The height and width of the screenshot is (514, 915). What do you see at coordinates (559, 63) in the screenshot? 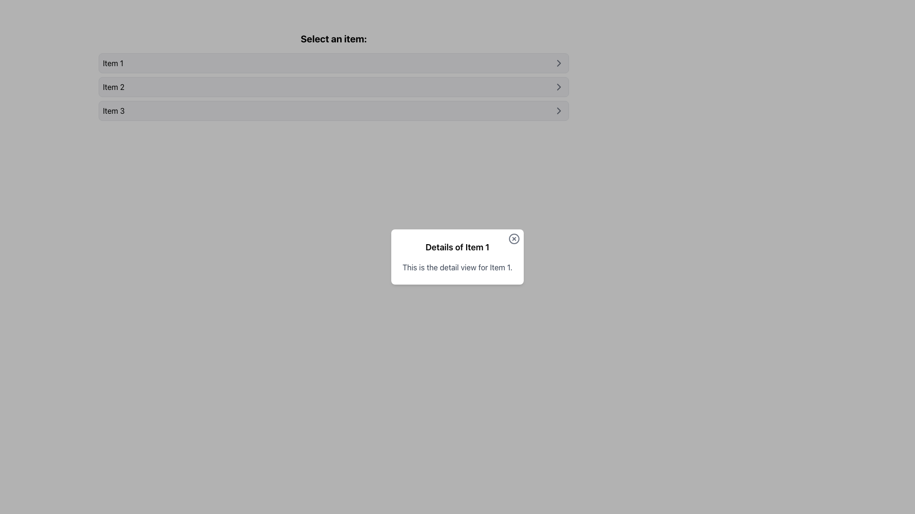
I see `the chevron icon located at the far-right edge of the first item labeled 'Select an item'` at bounding box center [559, 63].